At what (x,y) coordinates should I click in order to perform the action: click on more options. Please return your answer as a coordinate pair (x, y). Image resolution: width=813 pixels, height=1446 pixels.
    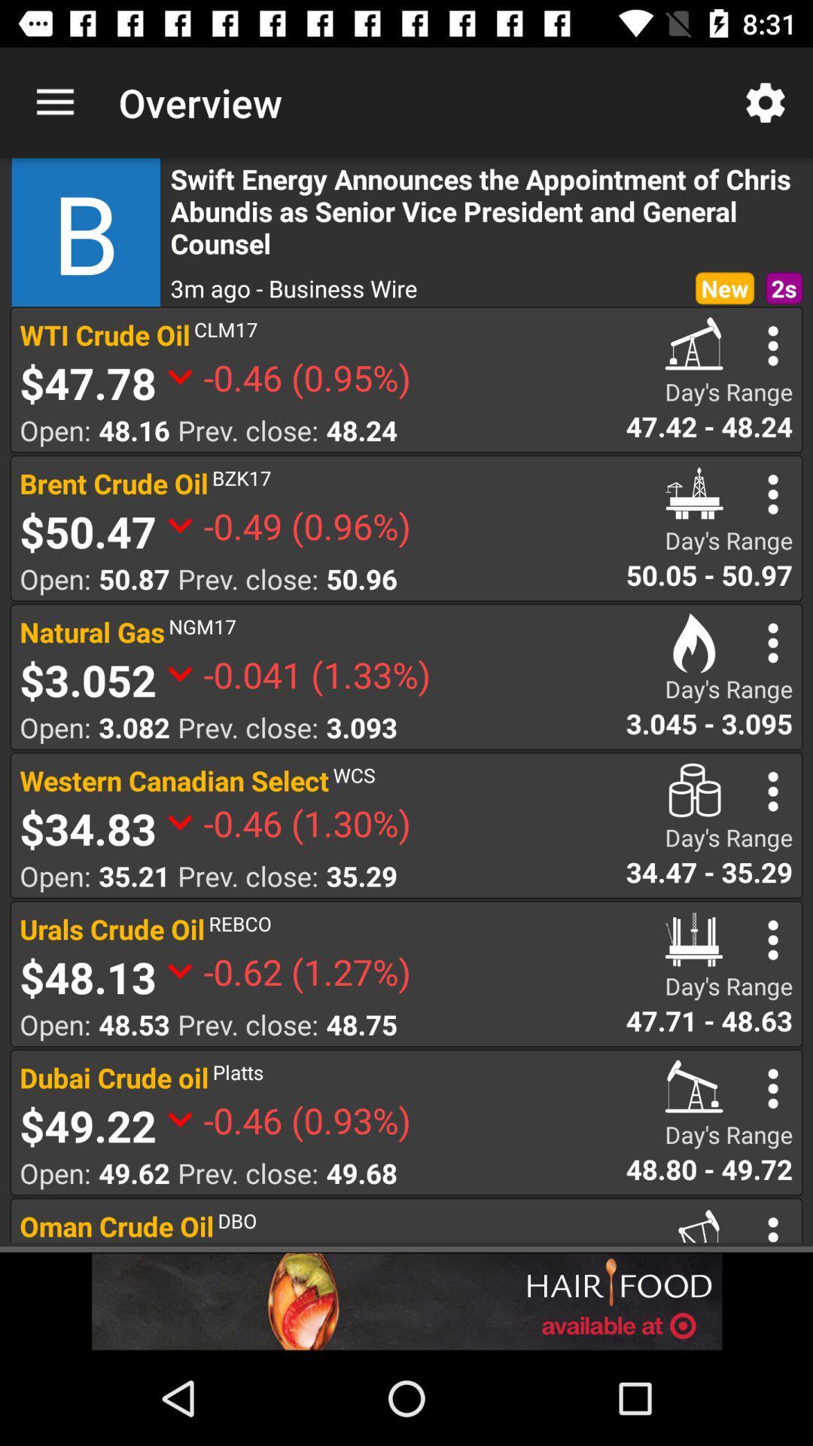
    Looking at the image, I should click on (773, 791).